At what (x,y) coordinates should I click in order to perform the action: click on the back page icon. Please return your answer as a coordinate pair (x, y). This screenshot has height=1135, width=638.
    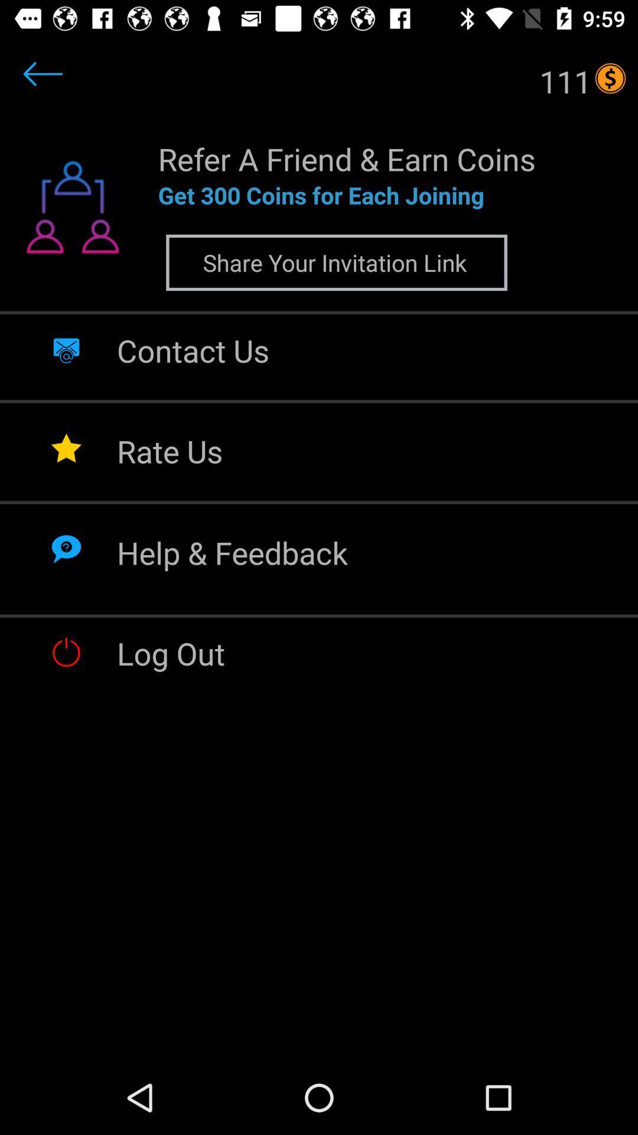
    Looking at the image, I should click on (66, 89).